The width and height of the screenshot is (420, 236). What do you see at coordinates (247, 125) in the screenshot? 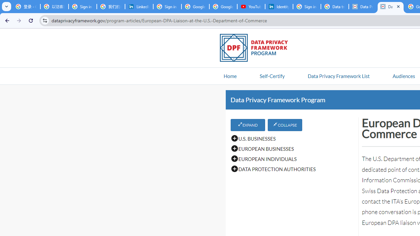
I see `'EXPAND'` at bounding box center [247, 125].